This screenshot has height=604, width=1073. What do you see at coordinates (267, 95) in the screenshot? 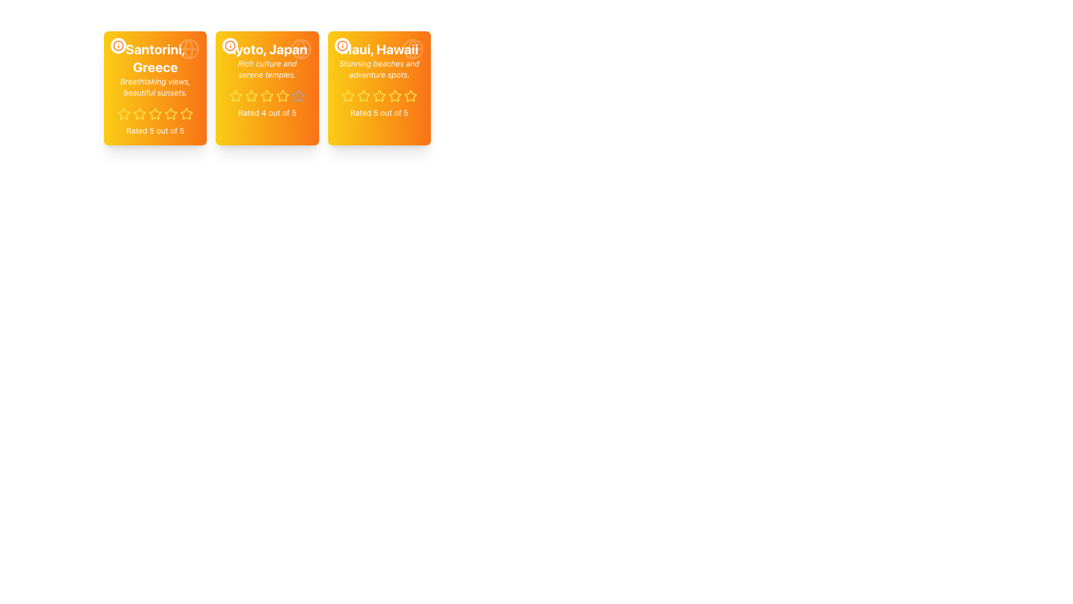
I see `the second yellow star icon in the five-star rating system for 'Kyoto, Japan'` at bounding box center [267, 95].